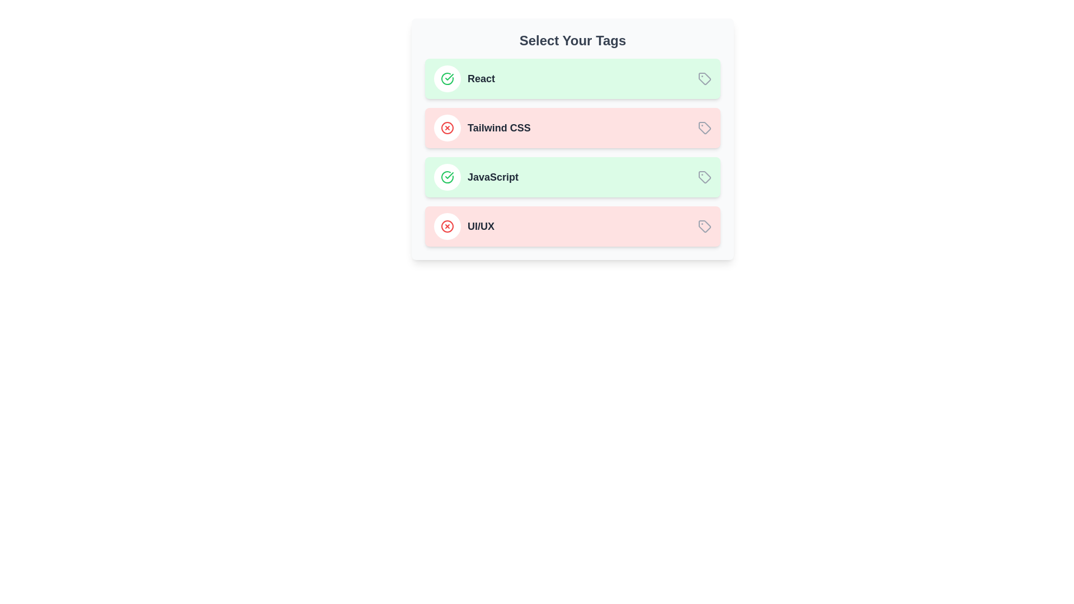  Describe the element at coordinates (704, 127) in the screenshot. I see `the SVG tag icon located on the far right side of the 'Tailwind CSS' row, which is used for tagging features` at that location.